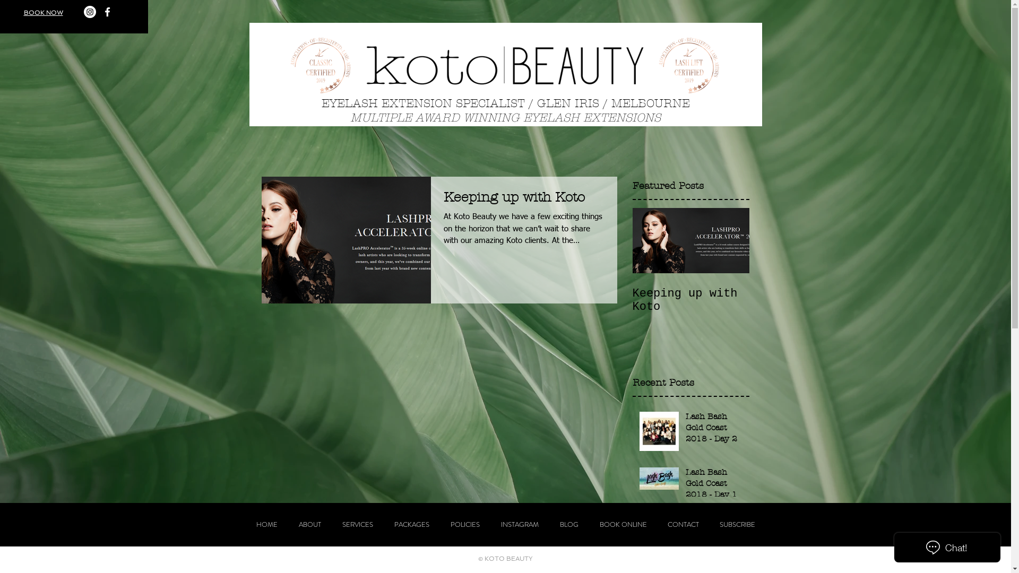 The height and width of the screenshot is (573, 1019). Describe the element at coordinates (308, 524) in the screenshot. I see `'ABOUT'` at that location.